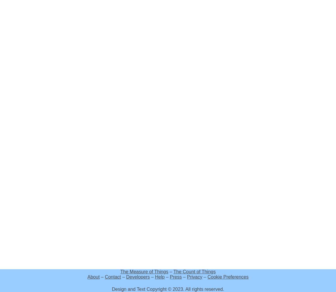 The width and height of the screenshot is (336, 292). Describe the element at coordinates (194, 272) in the screenshot. I see `'The Count of Things'` at that location.